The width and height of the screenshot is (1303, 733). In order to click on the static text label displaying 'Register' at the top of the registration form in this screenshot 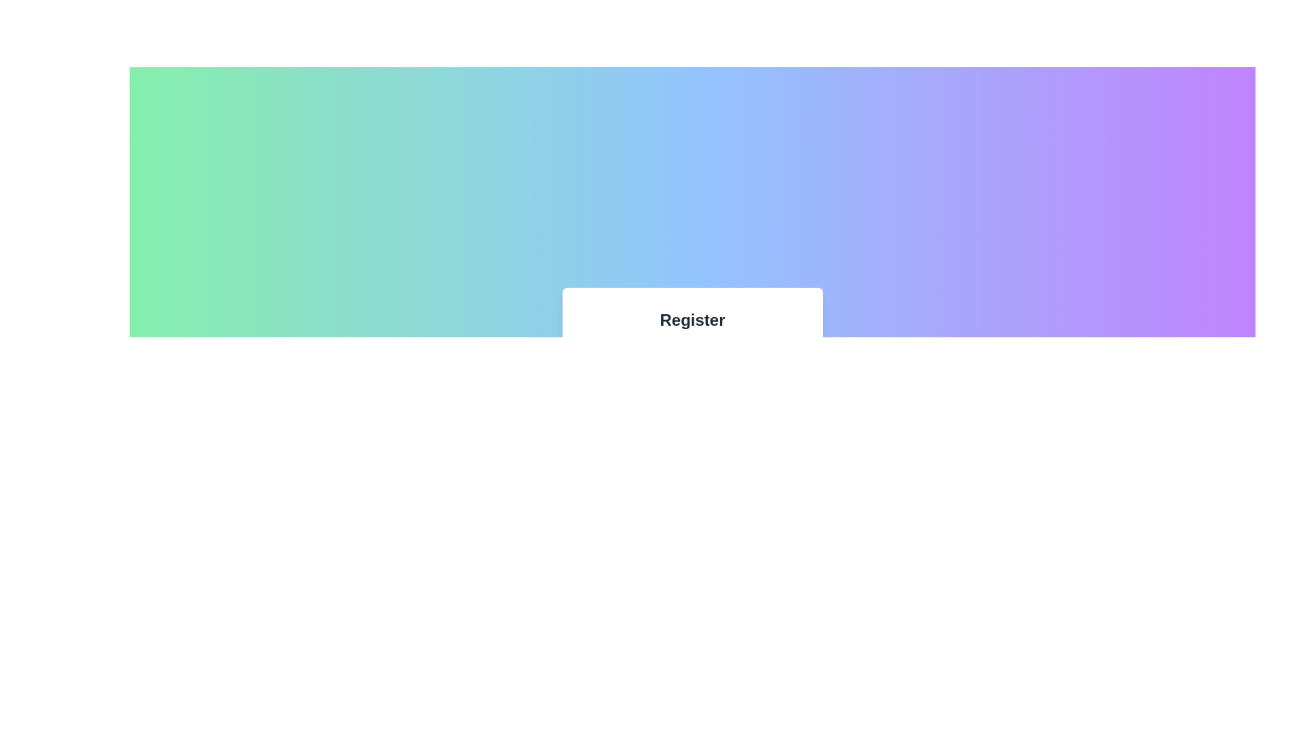, I will do `click(692, 320)`.